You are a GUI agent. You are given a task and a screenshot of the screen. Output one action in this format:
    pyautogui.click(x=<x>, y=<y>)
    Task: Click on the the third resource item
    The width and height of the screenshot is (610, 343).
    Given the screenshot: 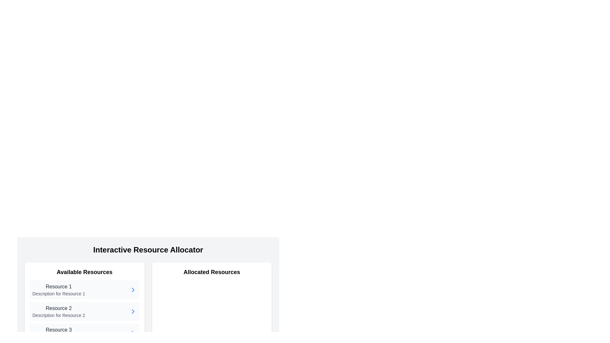 What is the action you would take?
    pyautogui.click(x=84, y=333)
    